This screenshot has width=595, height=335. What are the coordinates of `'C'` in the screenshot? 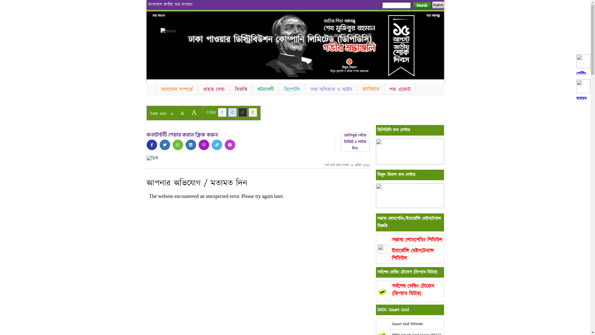 It's located at (242, 112).